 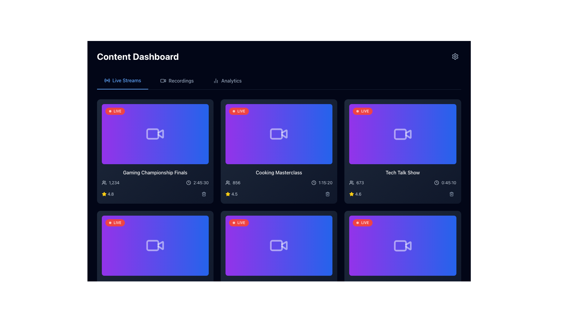 What do you see at coordinates (279, 151) in the screenshot?
I see `the Cooking Masterclass card, which is the second card in the top row of the event grid, positioned between the Gaming Championship Finals and Tech Talk Show cards` at bounding box center [279, 151].